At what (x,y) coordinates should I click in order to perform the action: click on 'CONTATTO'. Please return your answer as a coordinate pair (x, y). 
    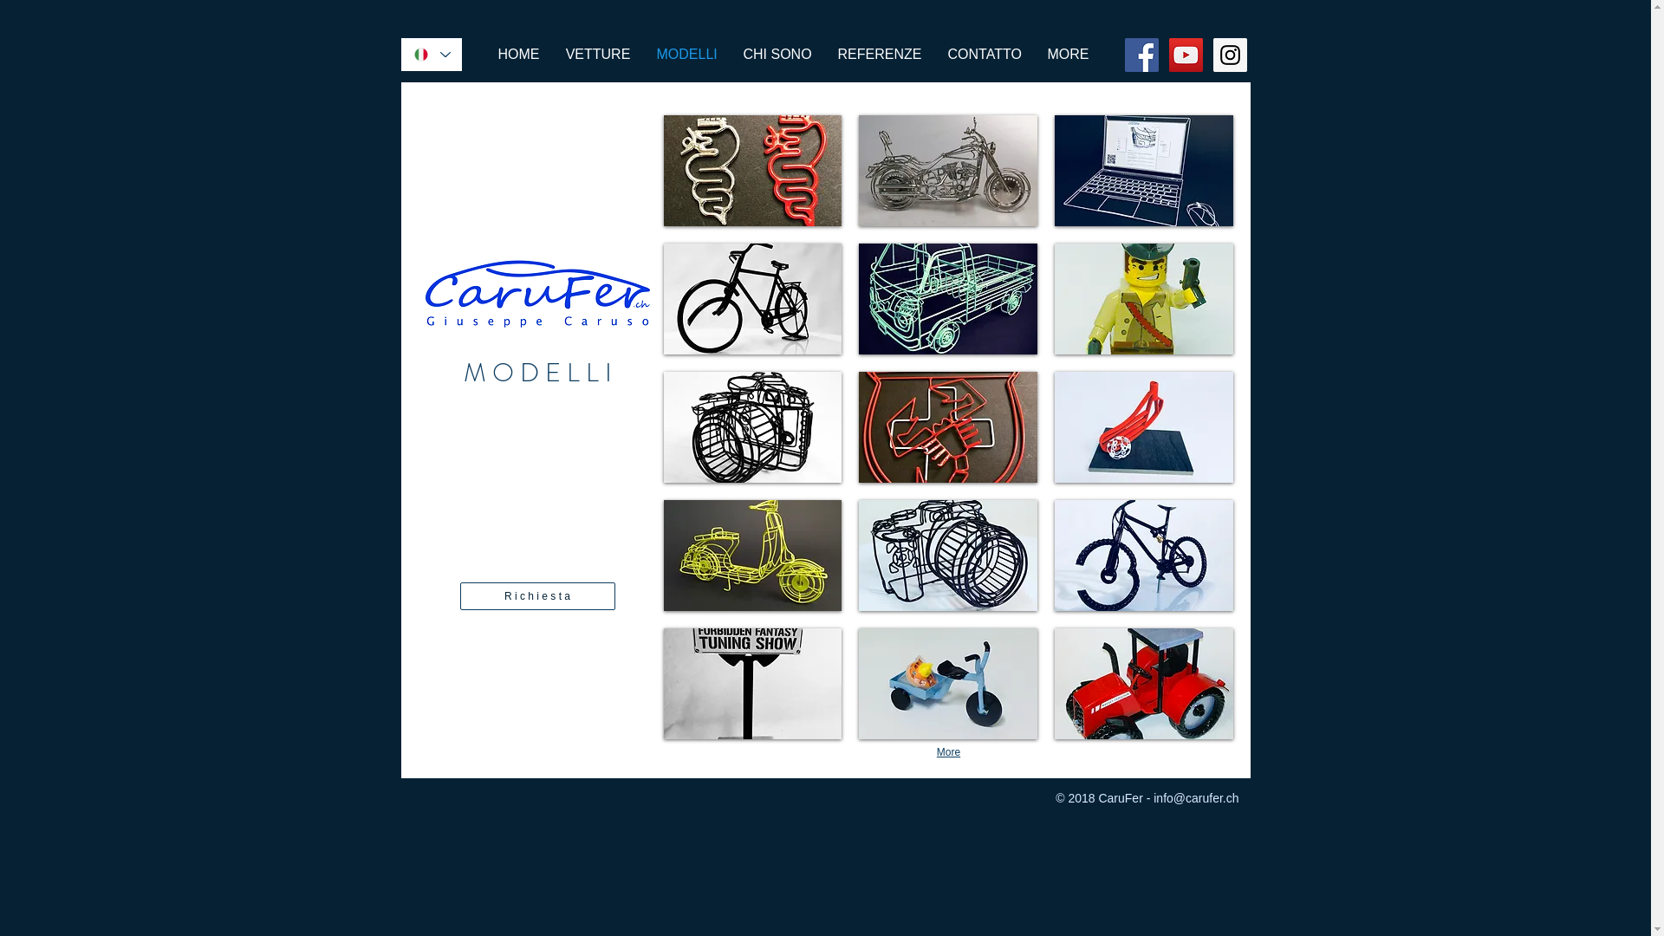
    Looking at the image, I should click on (984, 53).